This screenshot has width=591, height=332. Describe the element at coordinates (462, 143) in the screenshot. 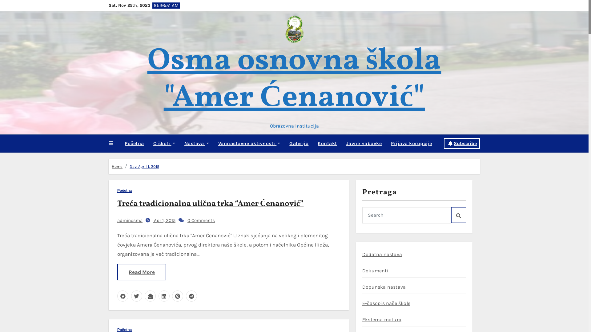

I see `'Subscribe'` at that location.